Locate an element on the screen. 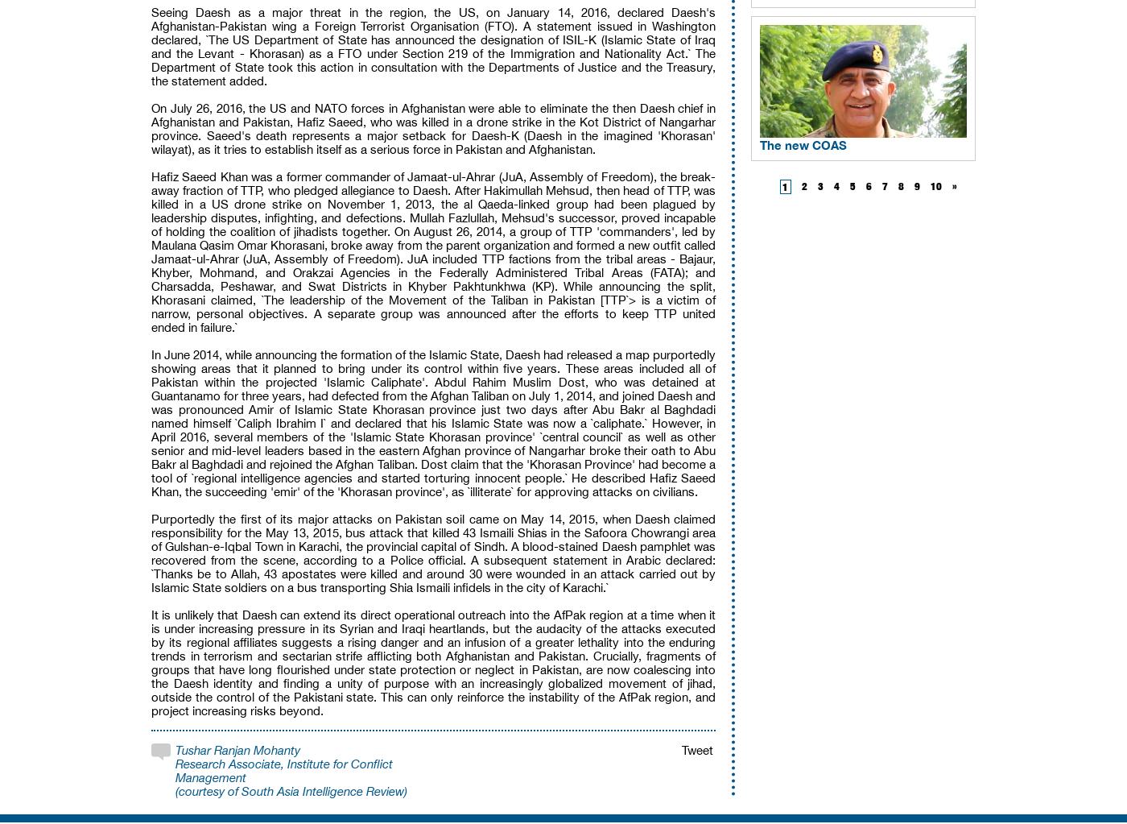 This screenshot has width=1127, height=824. 'Seeing Daesh as a major threat in the region, the US, on January 14, 2016, declared Daesh's Afghanistan-Pakistan wing a Foreign Terrorist Organisation (FTO). A statement issued in Washington declared, `The US Department of State has announced the designation of ISIL-K (Islamic State of Iraq and the Levant - Khorasan) as a FTO under Section 219 of the Immigration and Nationality Act.` The Department of State took this action in consultation with the Departments of Justice and the Treasury, the statement added.' is located at coordinates (433, 46).